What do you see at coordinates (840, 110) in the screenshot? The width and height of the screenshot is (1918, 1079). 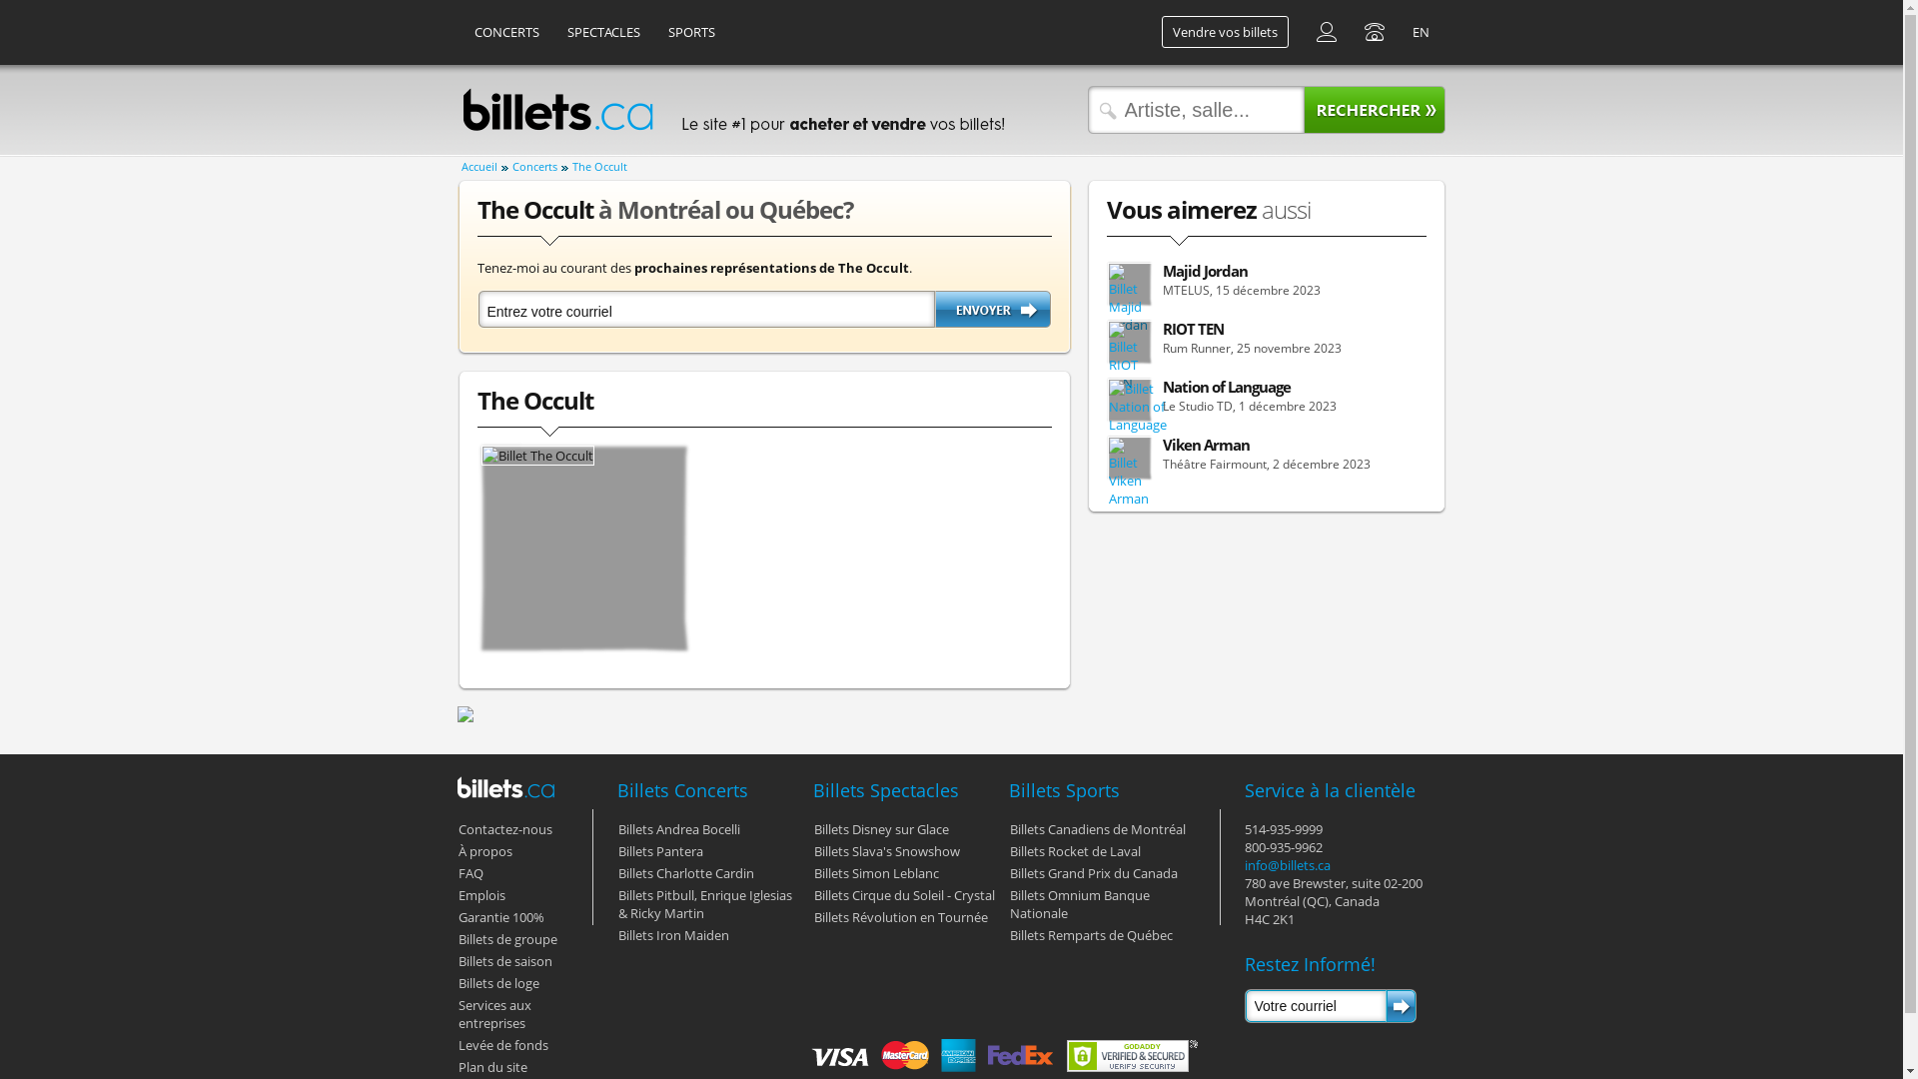 I see `'Le site #1 pour acheter et vendre vos billets!'` at bounding box center [840, 110].